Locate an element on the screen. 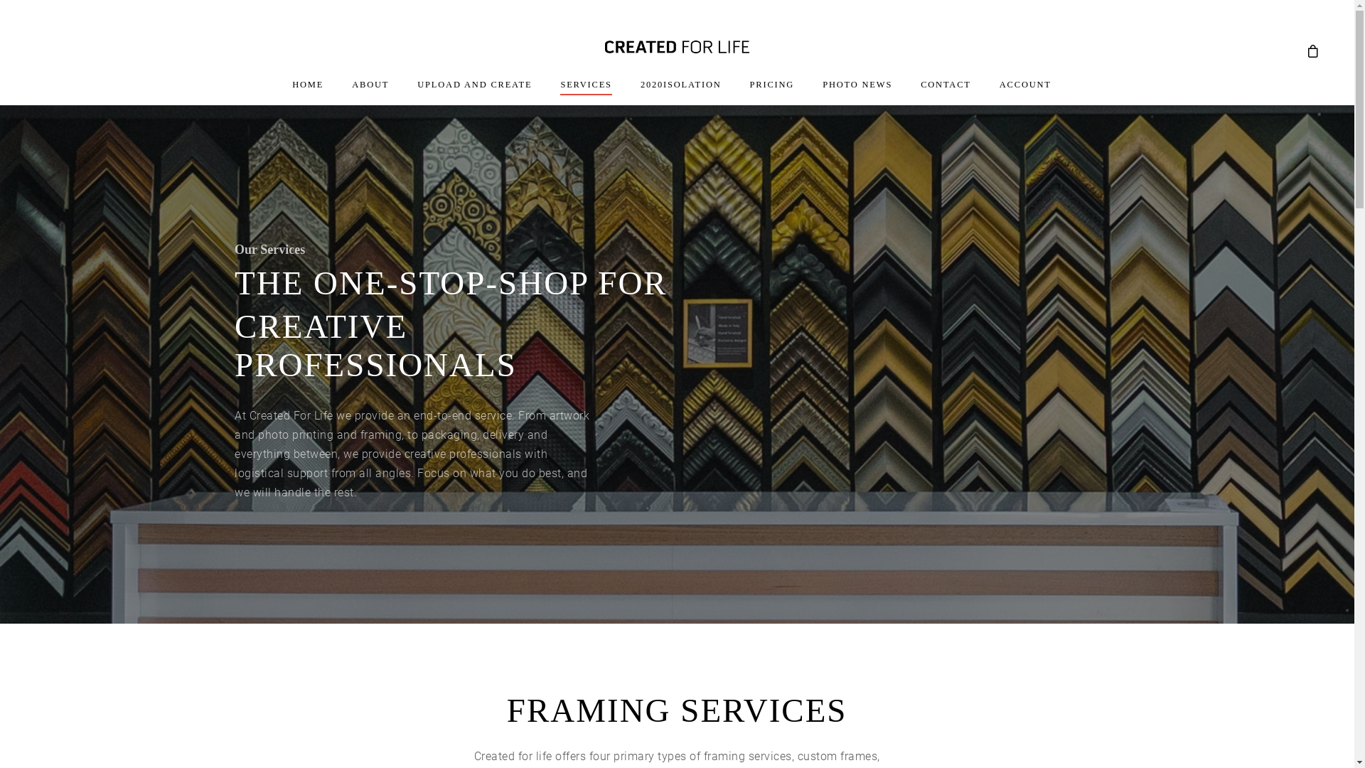 The image size is (1365, 768). 'ACCOUNT' is located at coordinates (1025, 92).